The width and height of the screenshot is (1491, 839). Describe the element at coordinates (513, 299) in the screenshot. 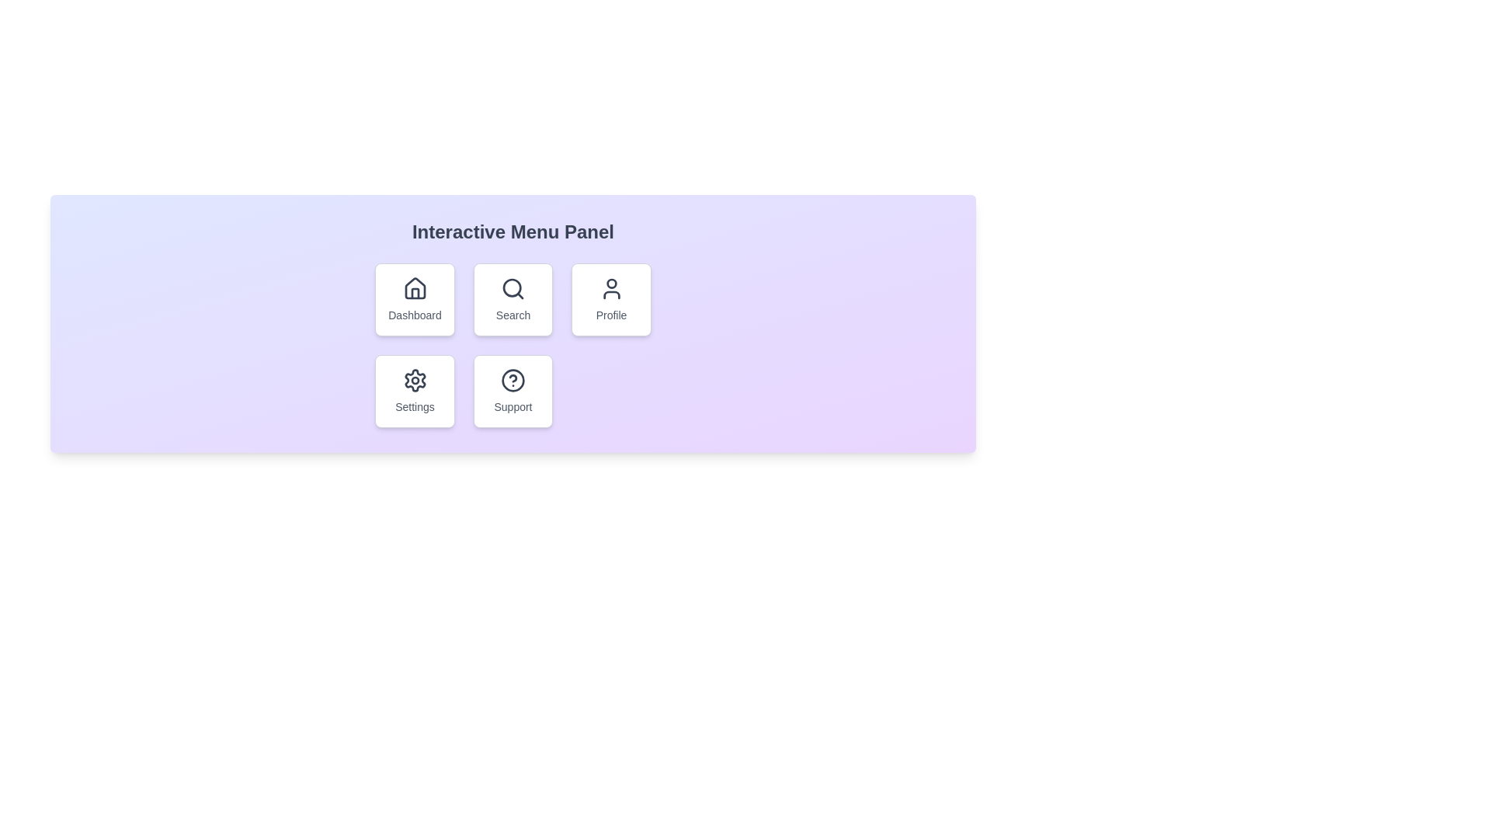

I see `the button located in the top row, middle position of the grid in the 'Interactive Menu Panel'` at that location.